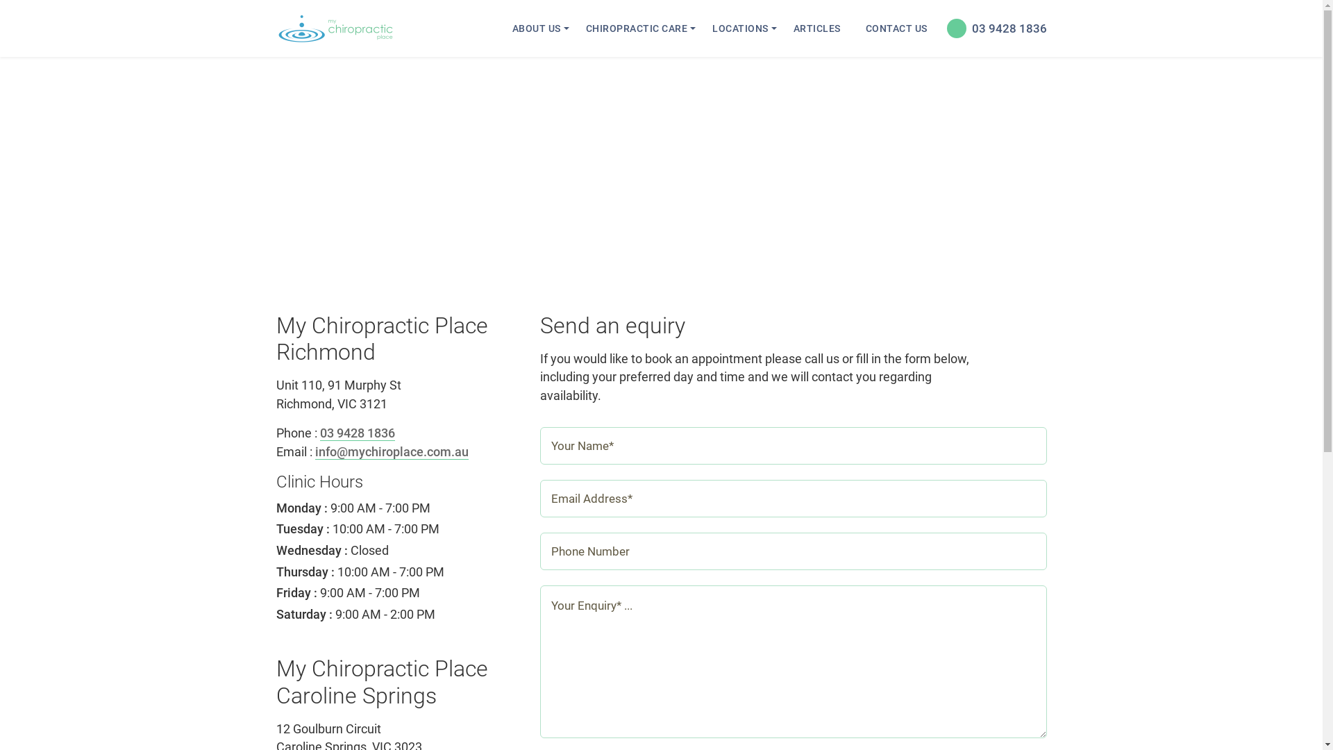 This screenshot has width=1333, height=750. What do you see at coordinates (391, 452) in the screenshot?
I see `'info@mychiroplace.com.au'` at bounding box center [391, 452].